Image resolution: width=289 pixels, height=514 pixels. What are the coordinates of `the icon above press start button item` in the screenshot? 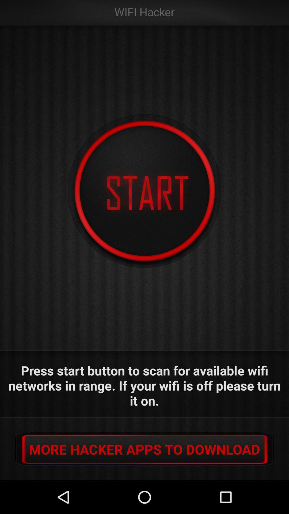 It's located at (144, 191).